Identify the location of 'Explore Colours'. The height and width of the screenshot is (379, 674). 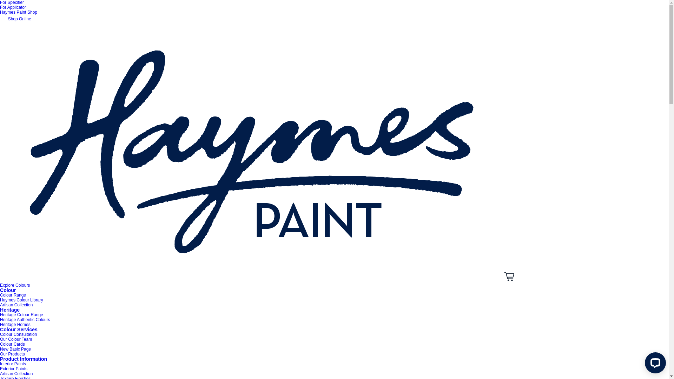
(0, 285).